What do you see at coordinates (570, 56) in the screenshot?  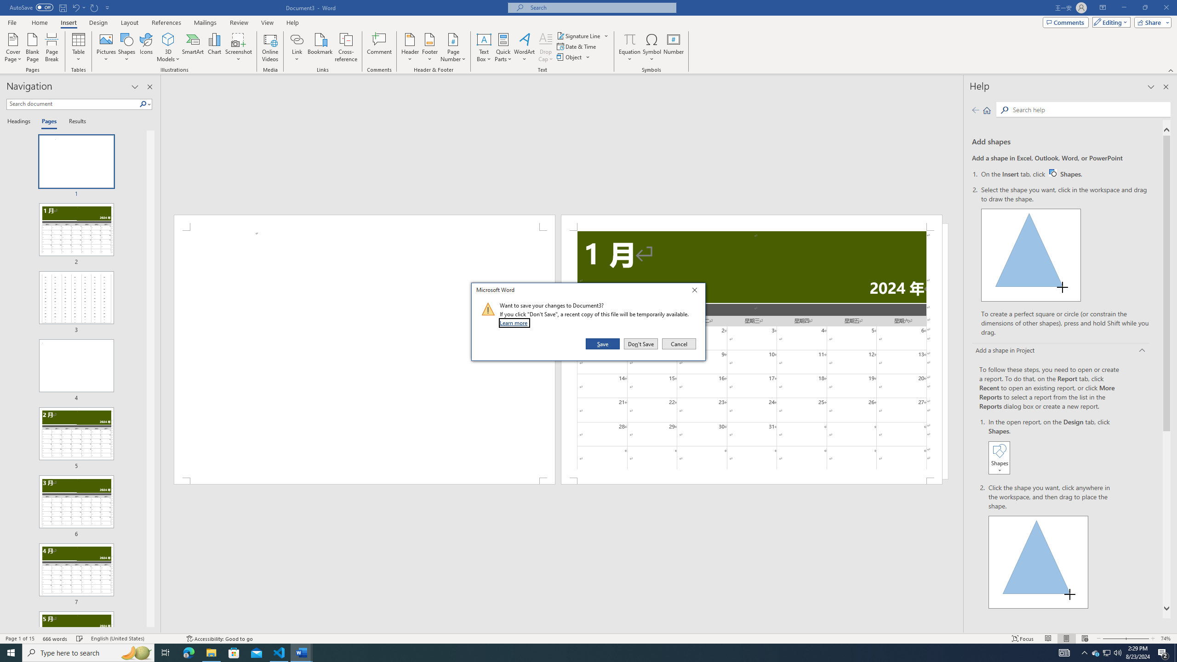 I see `'Object...'` at bounding box center [570, 56].